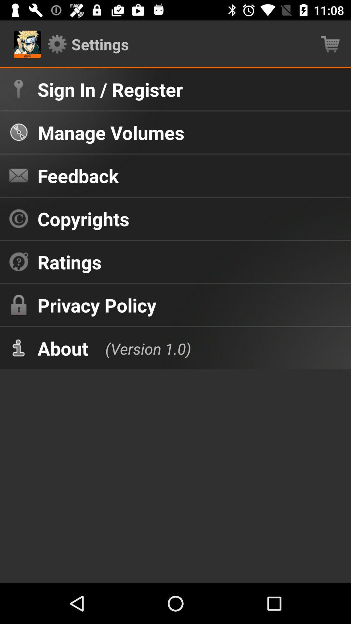 This screenshot has width=351, height=624. What do you see at coordinates (141, 348) in the screenshot?
I see `(version 1.0)  item` at bounding box center [141, 348].